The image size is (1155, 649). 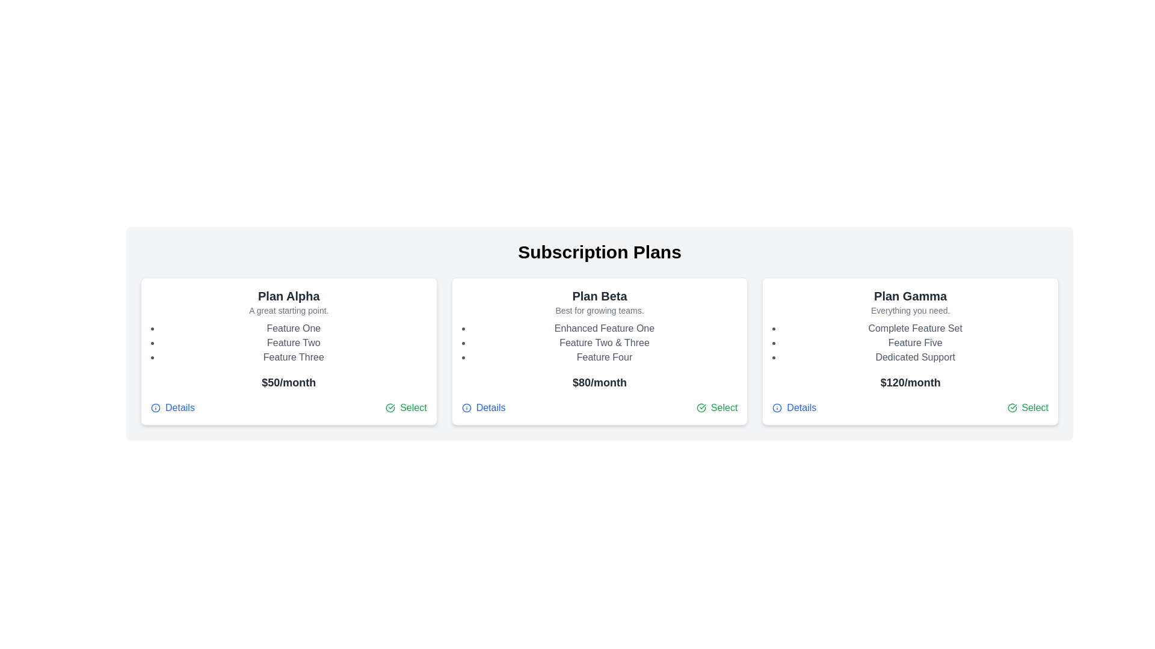 I want to click on the text label displaying '$50/month' in bold and larger font size, located in the lower portion of the 'Plan Alpha' subscription card, so click(x=289, y=382).